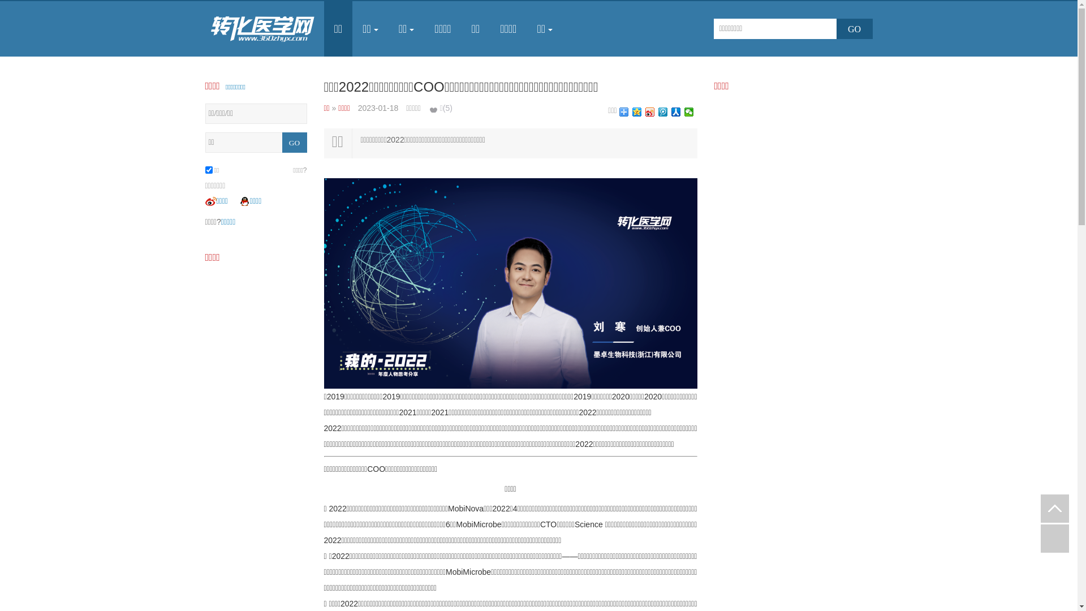 Image resolution: width=1086 pixels, height=611 pixels. Describe the element at coordinates (854, 28) in the screenshot. I see `'GO'` at that location.